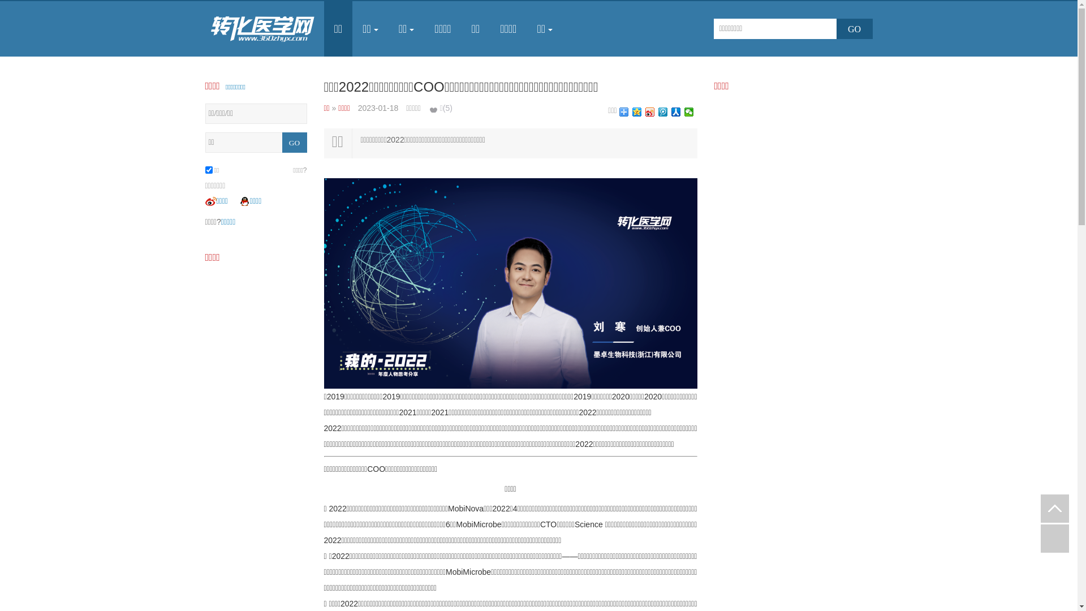 Image resolution: width=1086 pixels, height=611 pixels. Describe the element at coordinates (854, 28) in the screenshot. I see `'GO'` at that location.